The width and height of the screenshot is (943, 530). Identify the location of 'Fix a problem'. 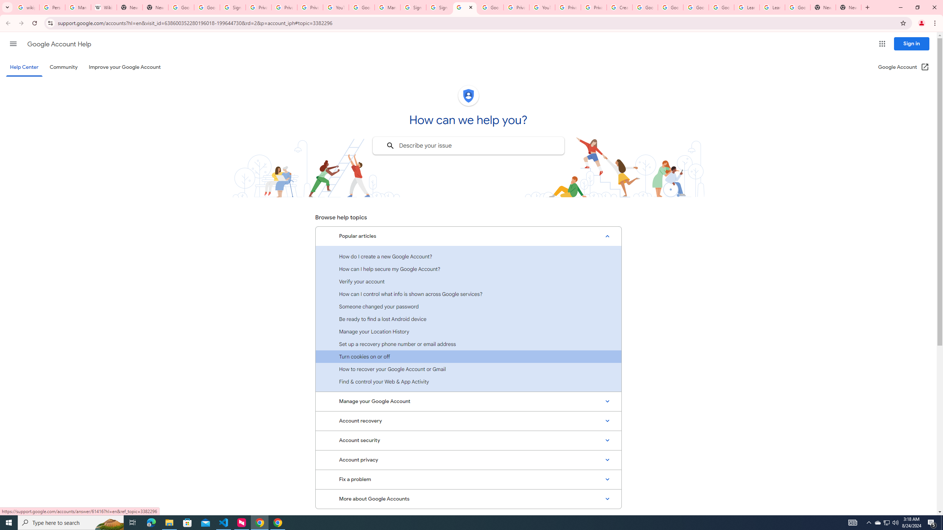
(468, 479).